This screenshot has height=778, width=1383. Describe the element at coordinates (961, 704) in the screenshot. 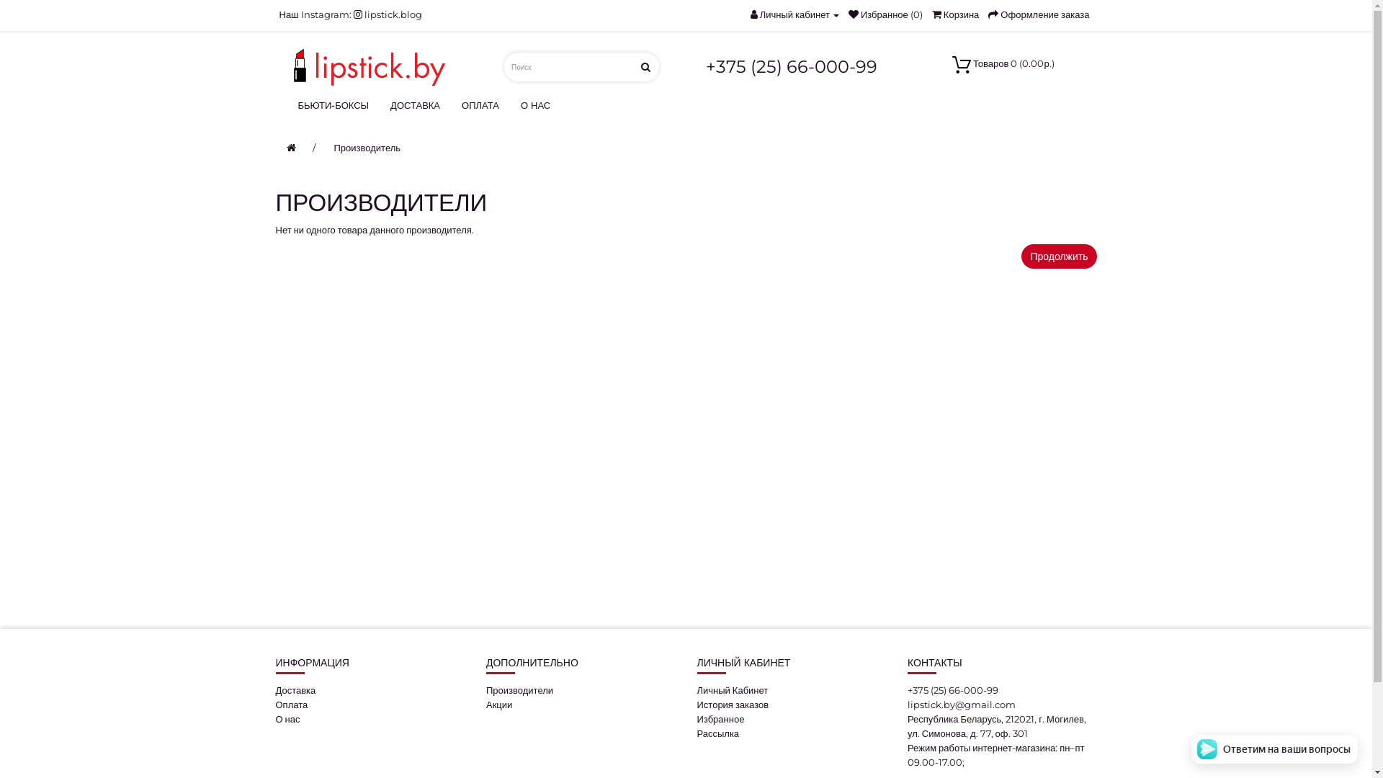

I see `'lipstick.by@gmail.com'` at that location.